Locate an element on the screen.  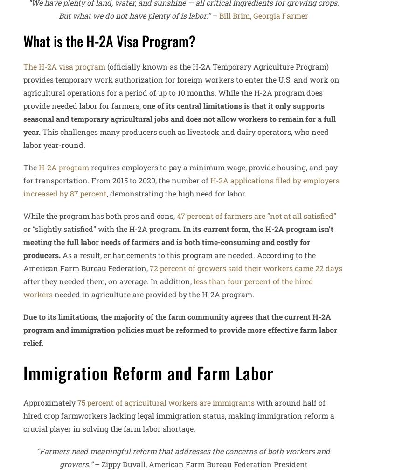
'or “slightly satisfied” with the H-2A program.' is located at coordinates (103, 228).